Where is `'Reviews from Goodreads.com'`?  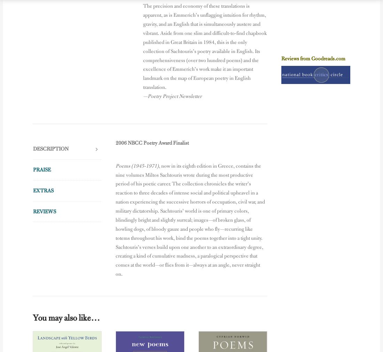
'Reviews from Goodreads.com' is located at coordinates (313, 58).